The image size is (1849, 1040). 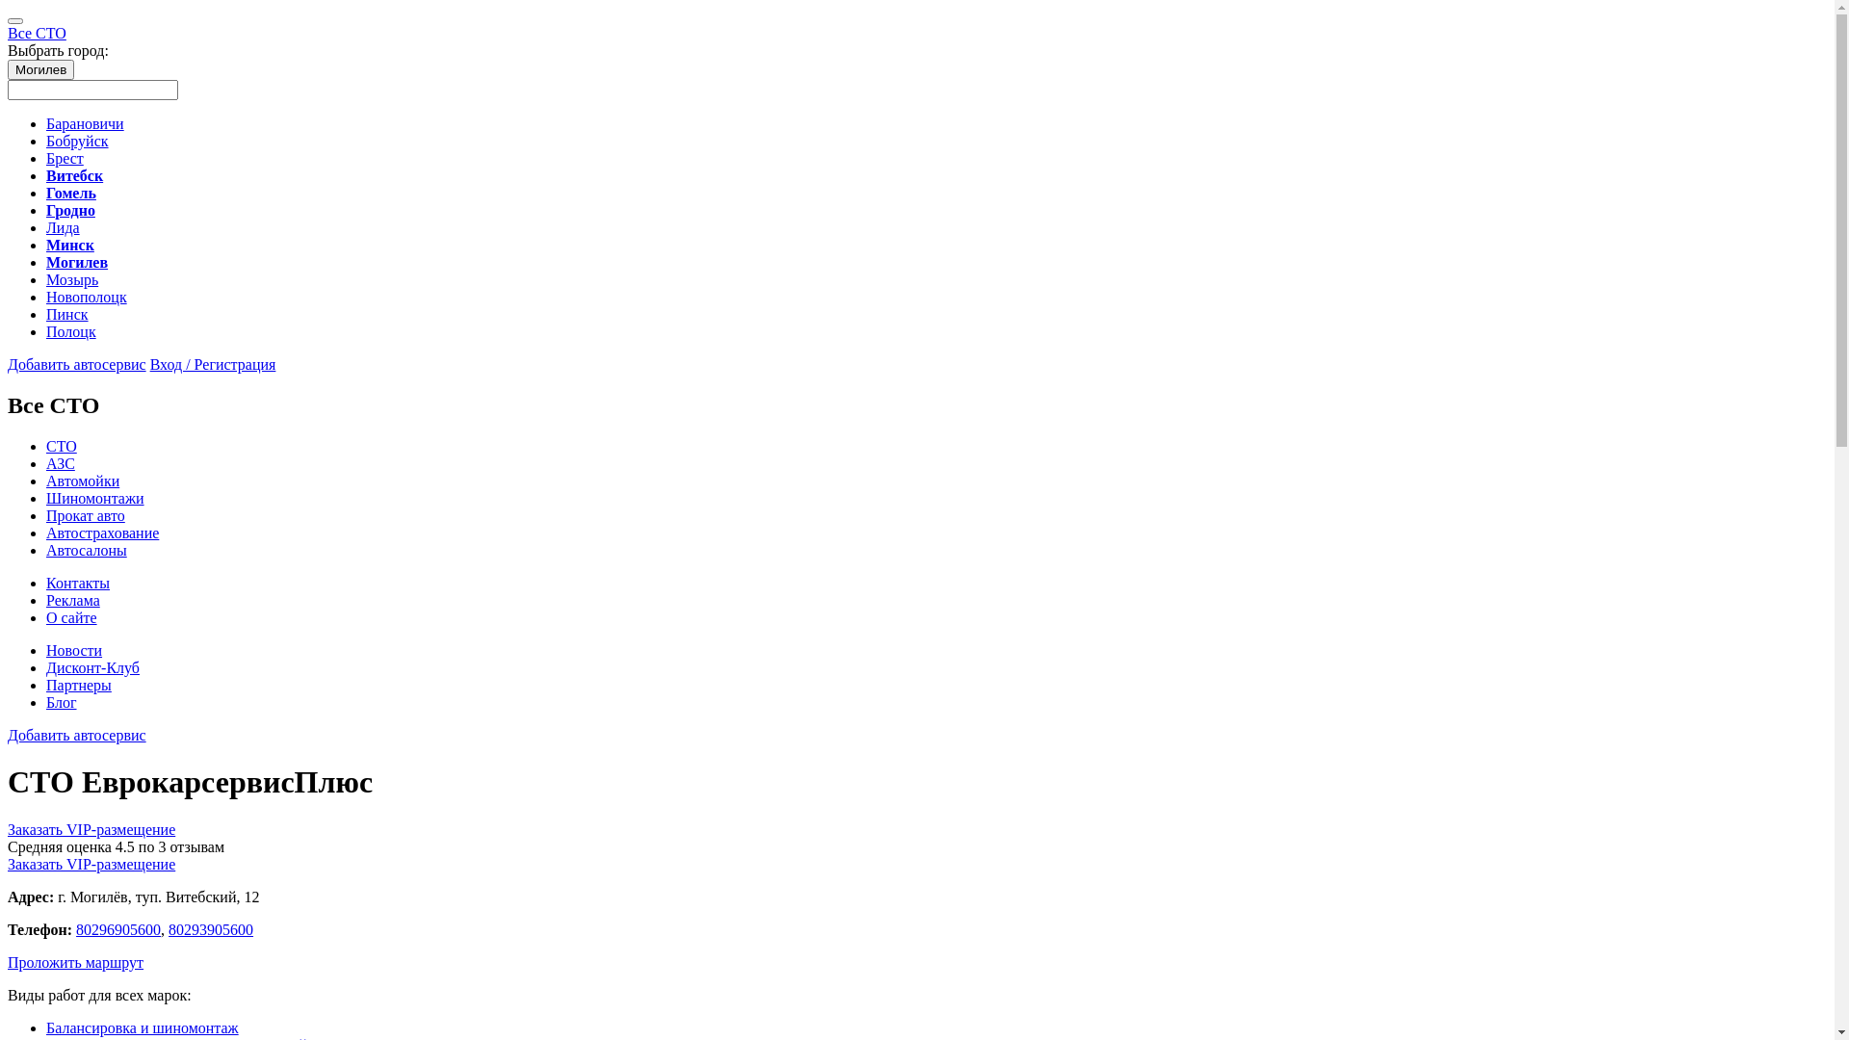 What do you see at coordinates (168, 928) in the screenshot?
I see `'80293905600'` at bounding box center [168, 928].